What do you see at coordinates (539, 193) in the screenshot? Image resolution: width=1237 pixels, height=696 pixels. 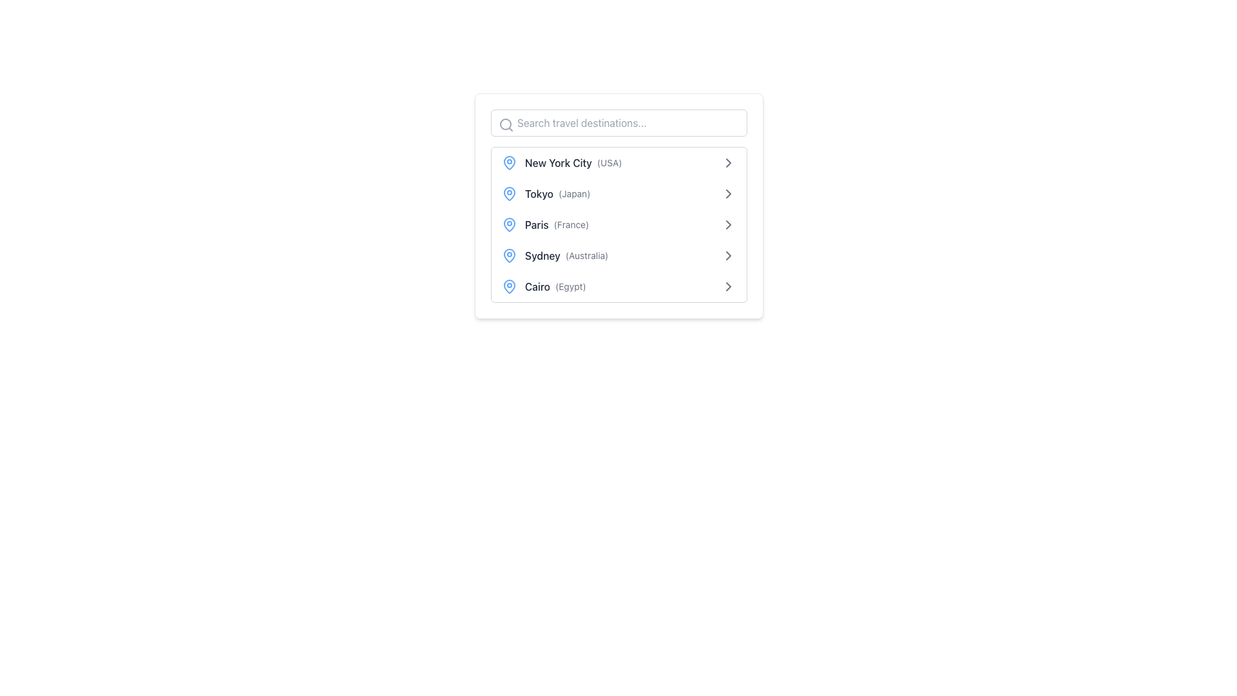 I see `the text label representing the name of a city in the second entry of a travel destination list, which is accompanied by a blue location marker icon on the left and the text '(Japan)' on the right` at bounding box center [539, 193].